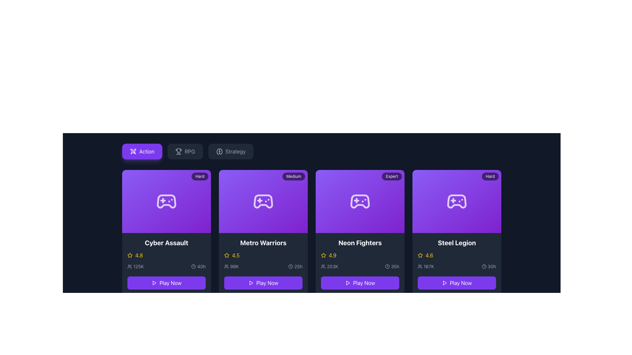 The image size is (632, 355). I want to click on the numeric data displaying '98K' users in the 'Metro Warriors' card to potentially reveal more details, so click(263, 266).